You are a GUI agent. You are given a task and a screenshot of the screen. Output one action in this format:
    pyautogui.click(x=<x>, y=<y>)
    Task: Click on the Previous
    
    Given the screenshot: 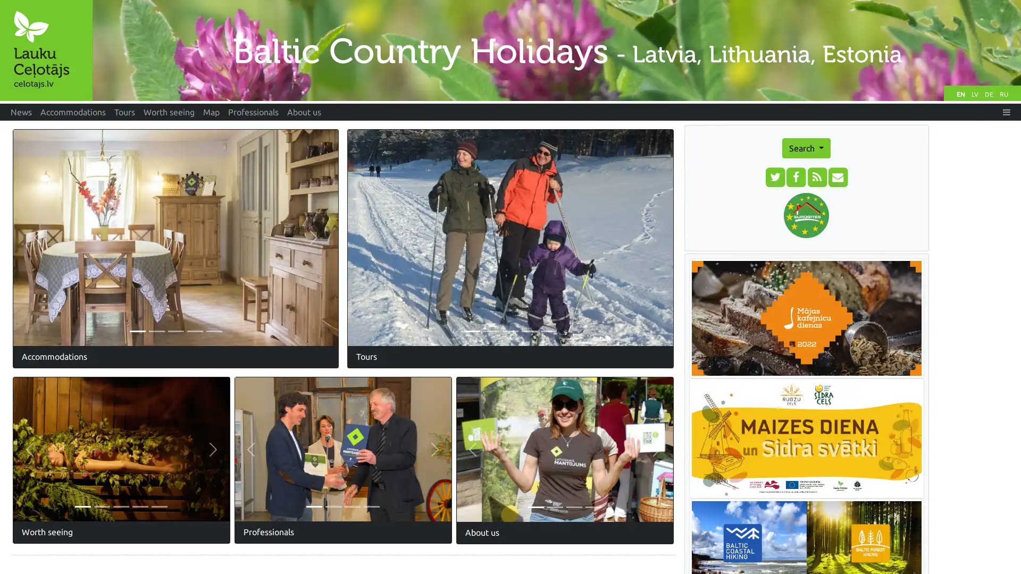 What is the action you would take?
    pyautogui.click(x=250, y=449)
    